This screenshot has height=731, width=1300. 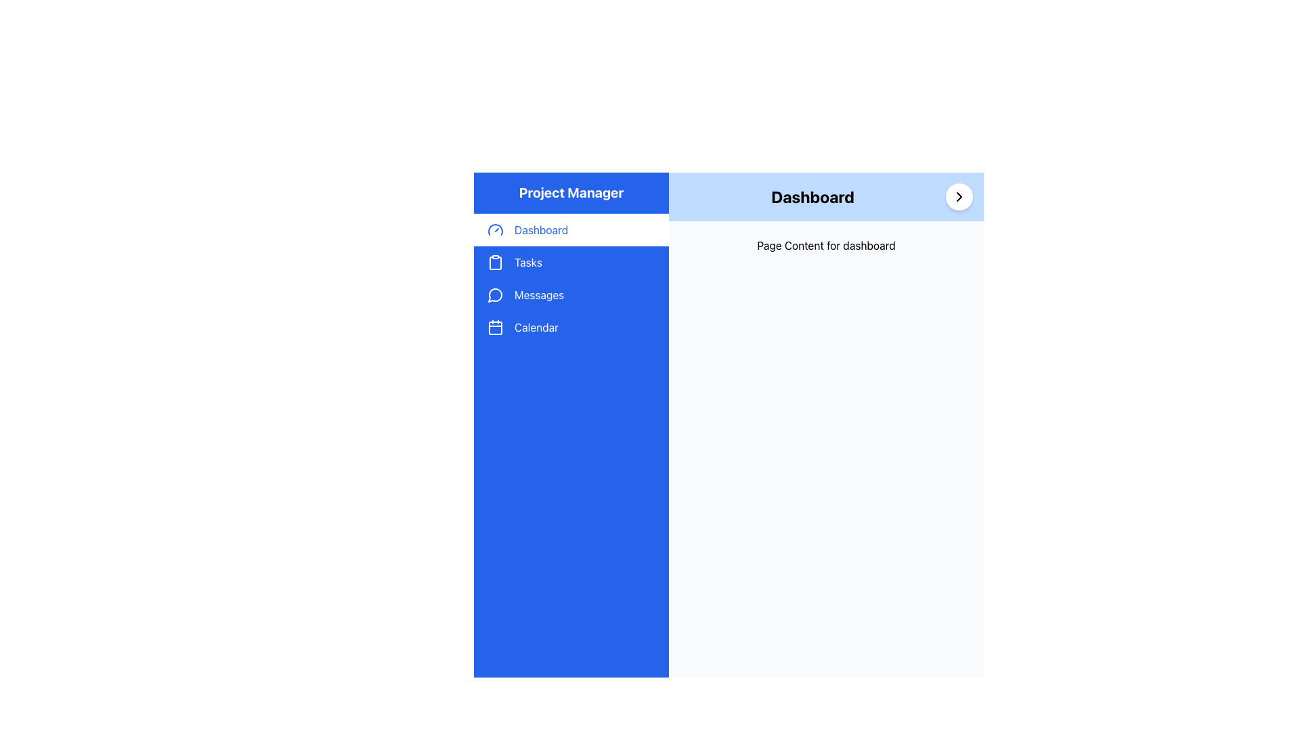 I want to click on the lower part of the clipboard icon located in the navigation bar labeled 'Project Manager', which is visually aligned with the 'Tasks' menu item, so click(x=494, y=263).